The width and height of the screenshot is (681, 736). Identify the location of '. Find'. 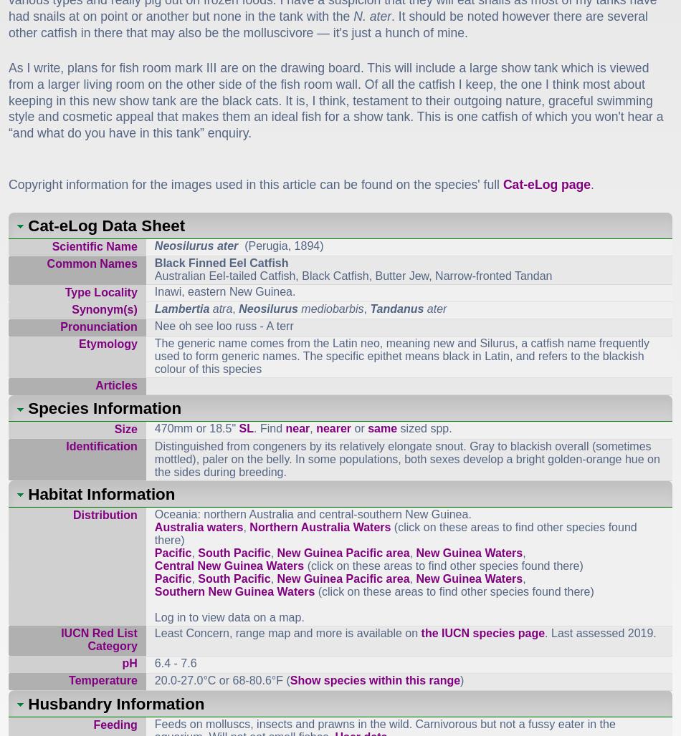
(269, 427).